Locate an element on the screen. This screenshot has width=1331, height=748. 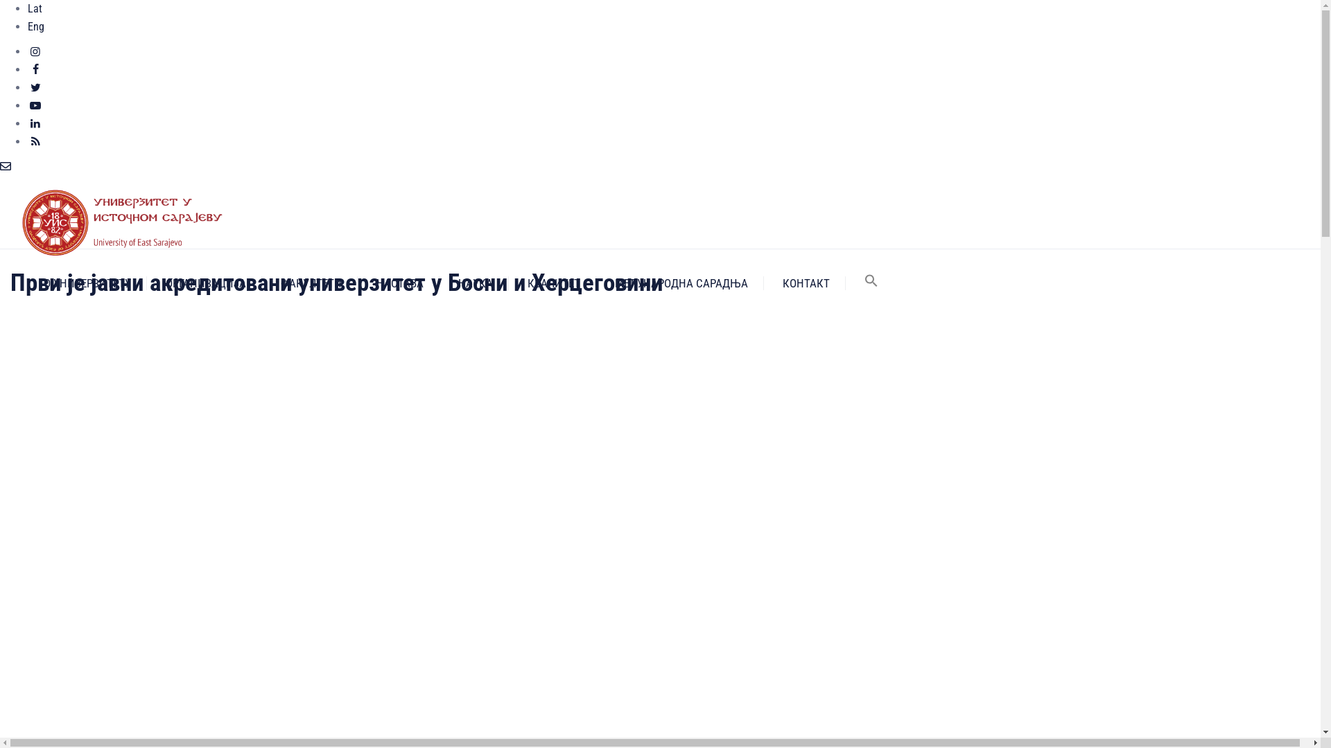
'Lat' is located at coordinates (35, 8).